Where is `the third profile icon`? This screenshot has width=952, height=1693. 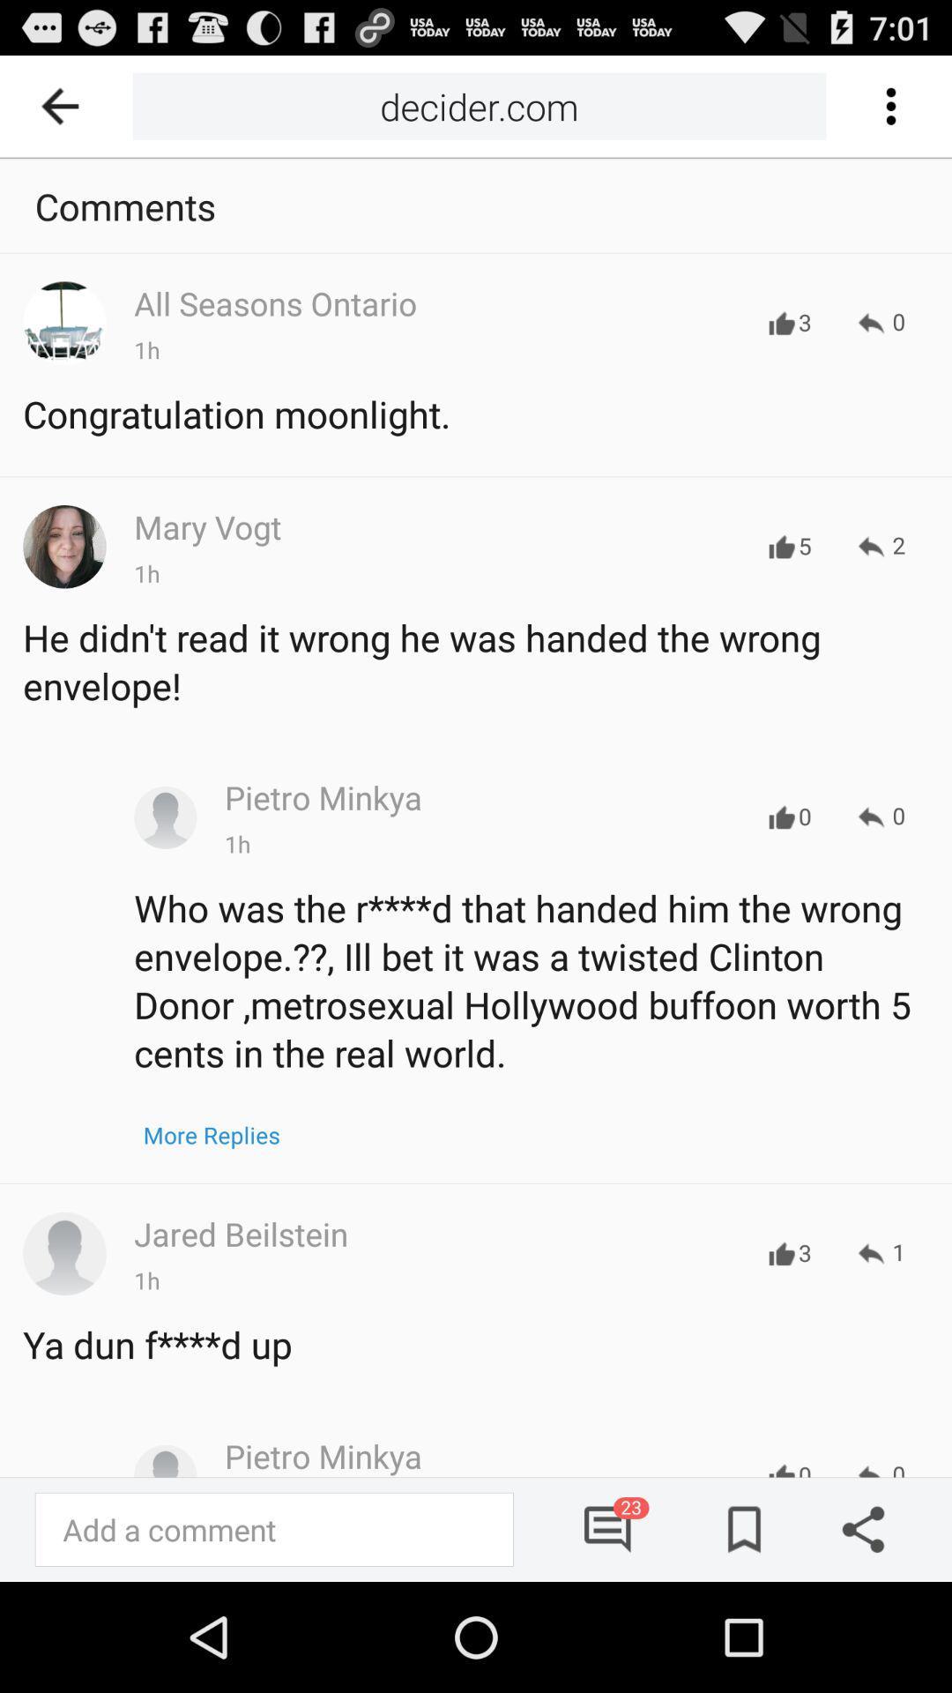 the third profile icon is located at coordinates (63, 1252).